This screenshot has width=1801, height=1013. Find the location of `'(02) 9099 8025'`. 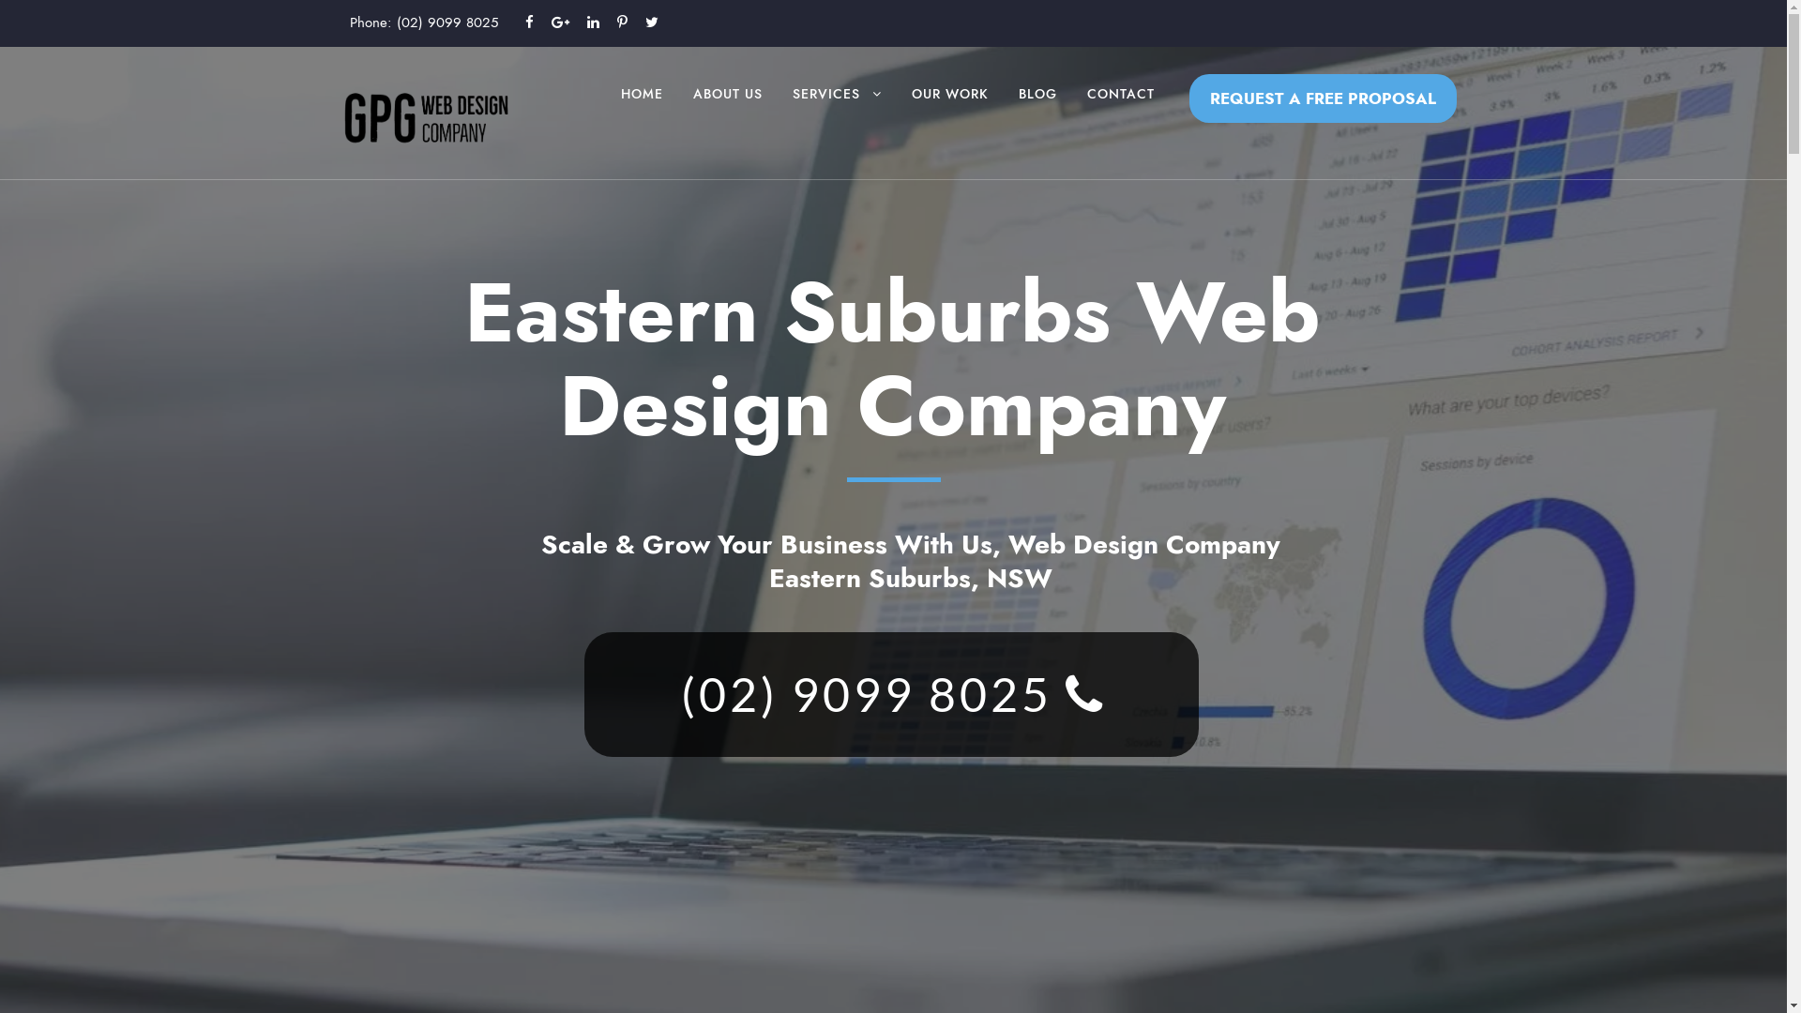

'(02) 9099 8025' is located at coordinates (445, 22).